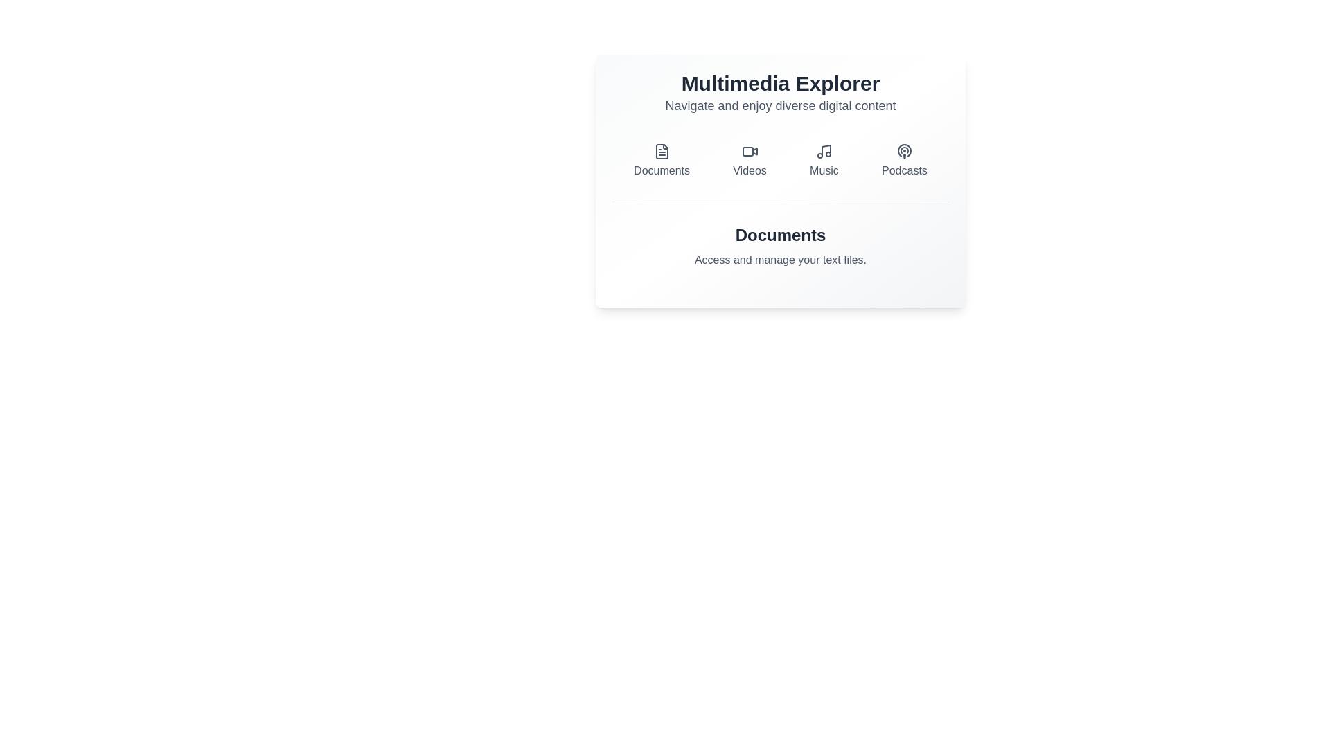 The width and height of the screenshot is (1330, 748). What do you see at coordinates (824, 160) in the screenshot?
I see `the Music button to switch to the corresponding tab` at bounding box center [824, 160].